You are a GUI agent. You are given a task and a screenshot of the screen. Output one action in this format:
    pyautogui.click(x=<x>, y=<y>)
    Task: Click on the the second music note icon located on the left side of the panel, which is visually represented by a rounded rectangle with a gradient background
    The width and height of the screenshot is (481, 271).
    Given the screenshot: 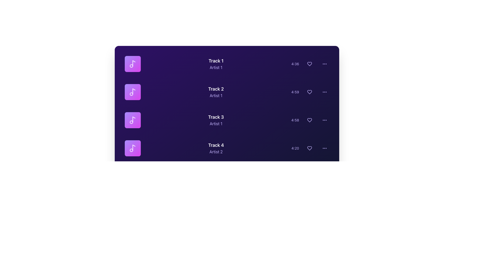 What is the action you would take?
    pyautogui.click(x=133, y=92)
    